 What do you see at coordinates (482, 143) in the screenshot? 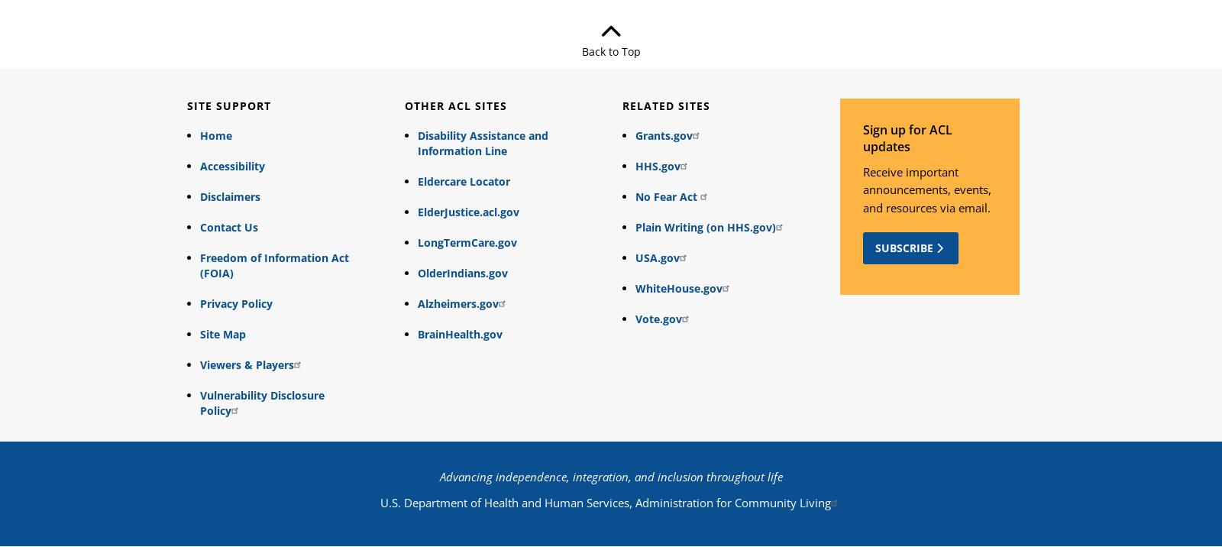
I see `'Disability Assistance and Information Line'` at bounding box center [482, 143].